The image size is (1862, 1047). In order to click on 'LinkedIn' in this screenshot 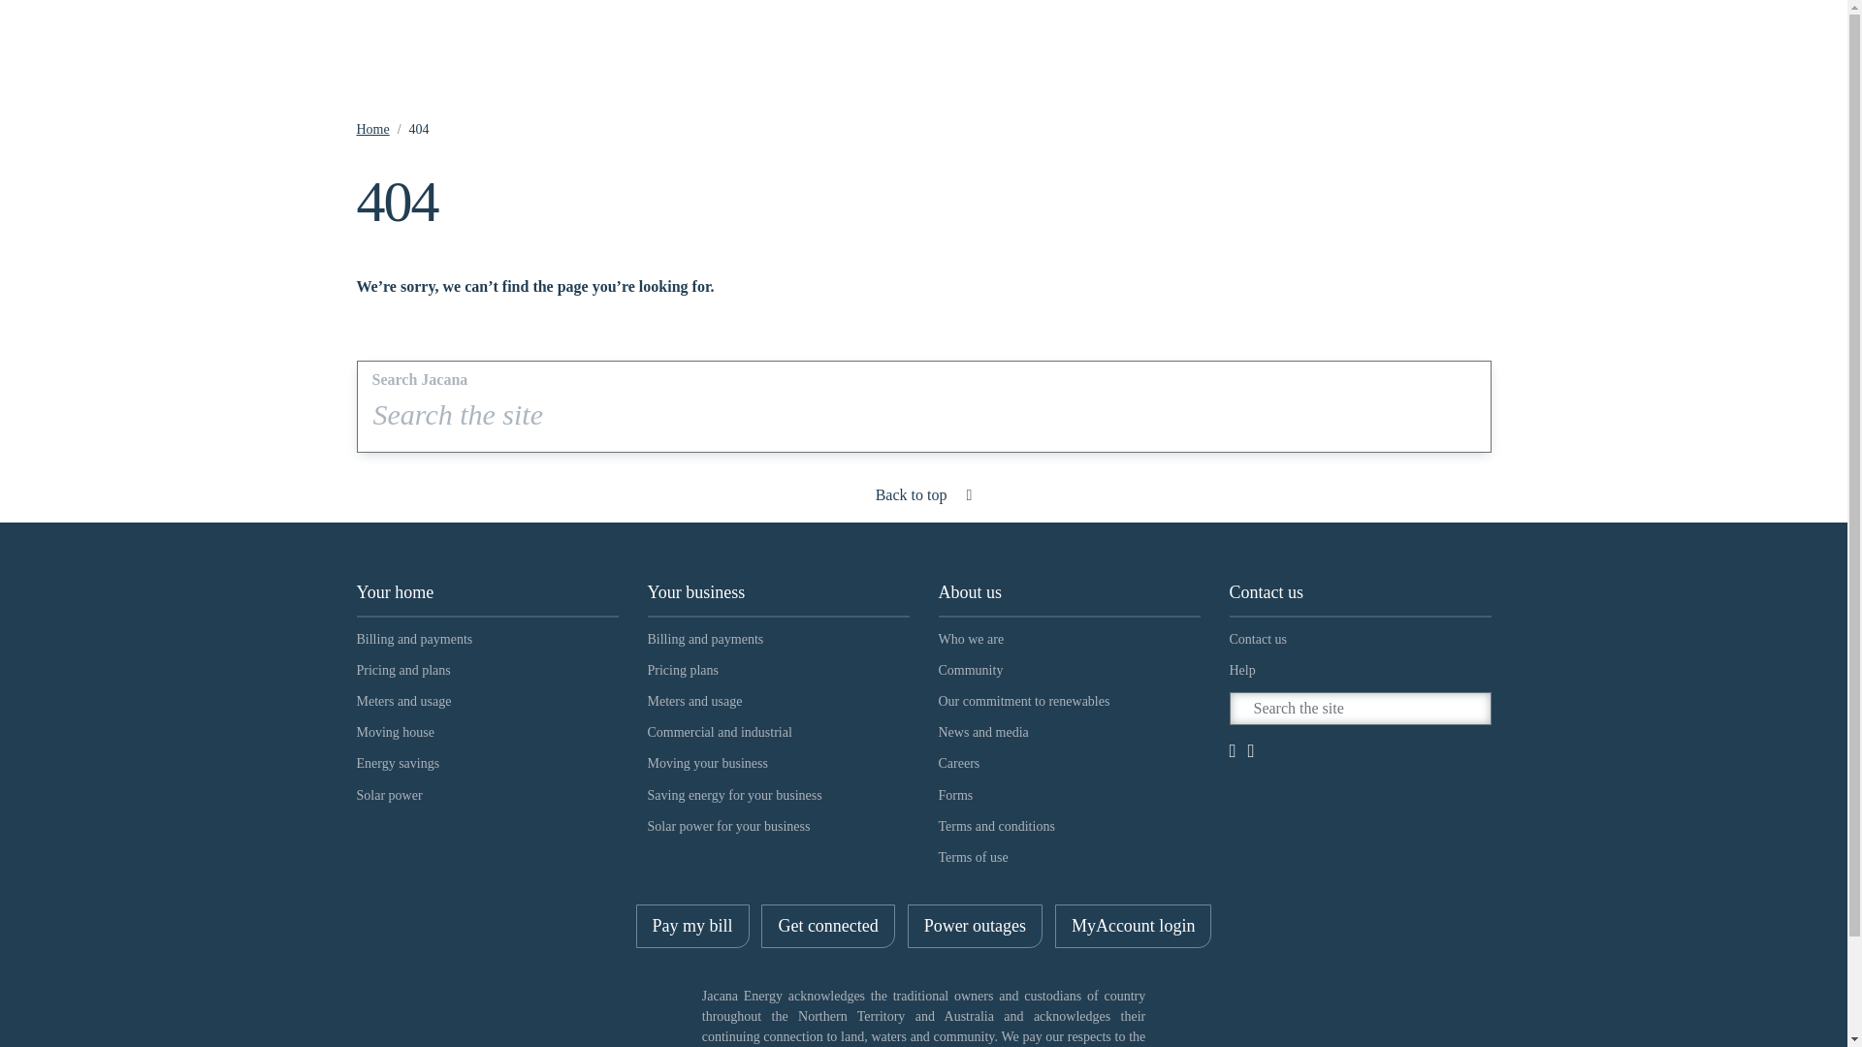, I will do `click(1251, 750)`.